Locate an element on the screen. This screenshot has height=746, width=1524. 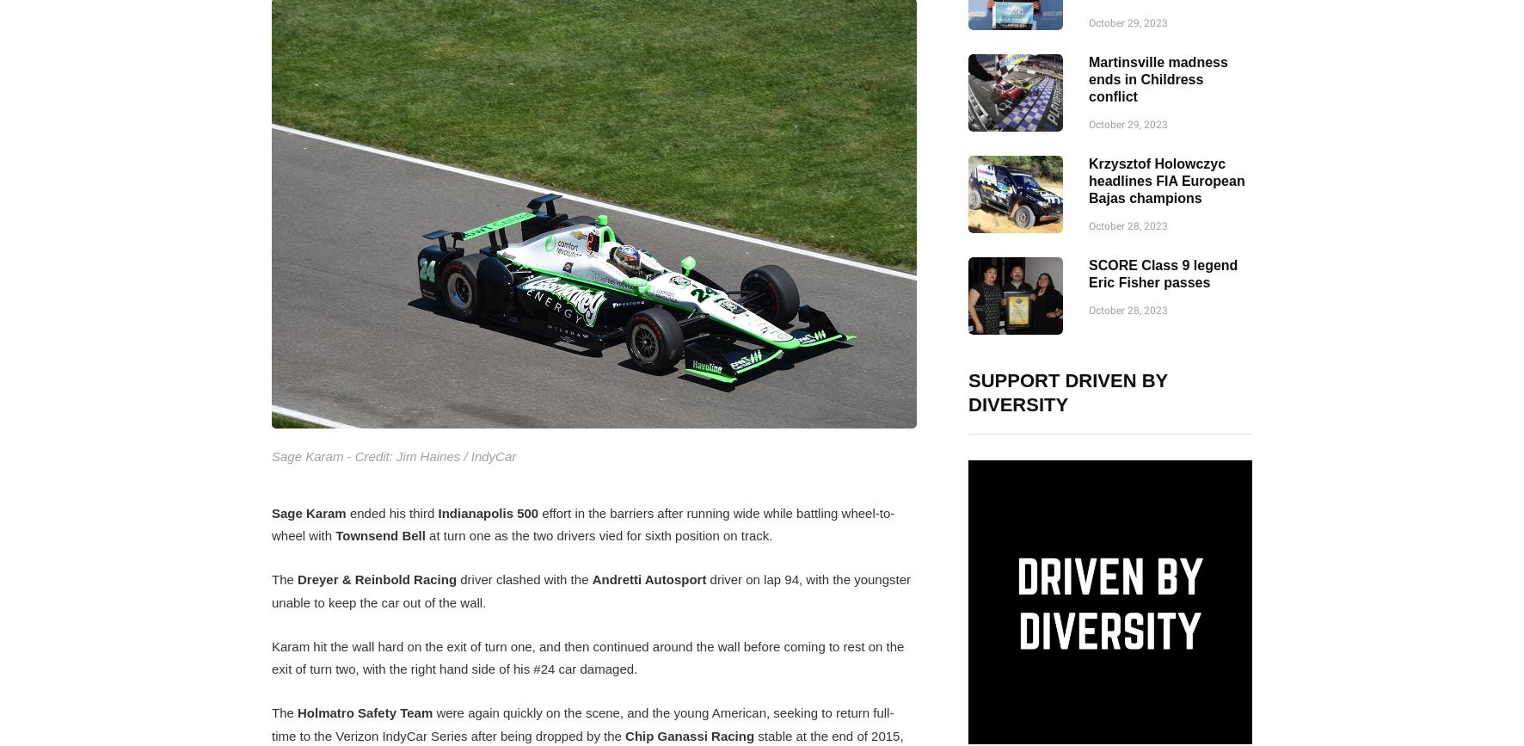
'SCORE Class 9 legend Eric Fisher passes' is located at coordinates (1162, 274).